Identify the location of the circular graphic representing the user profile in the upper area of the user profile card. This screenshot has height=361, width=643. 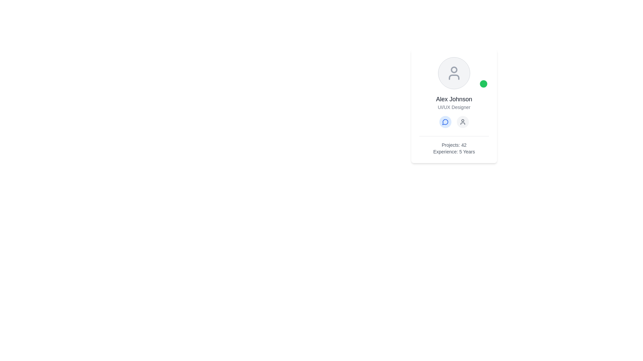
(454, 70).